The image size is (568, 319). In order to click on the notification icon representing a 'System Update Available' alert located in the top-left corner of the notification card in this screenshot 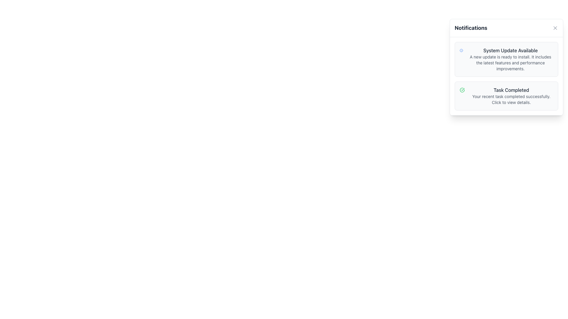, I will do `click(461, 50)`.